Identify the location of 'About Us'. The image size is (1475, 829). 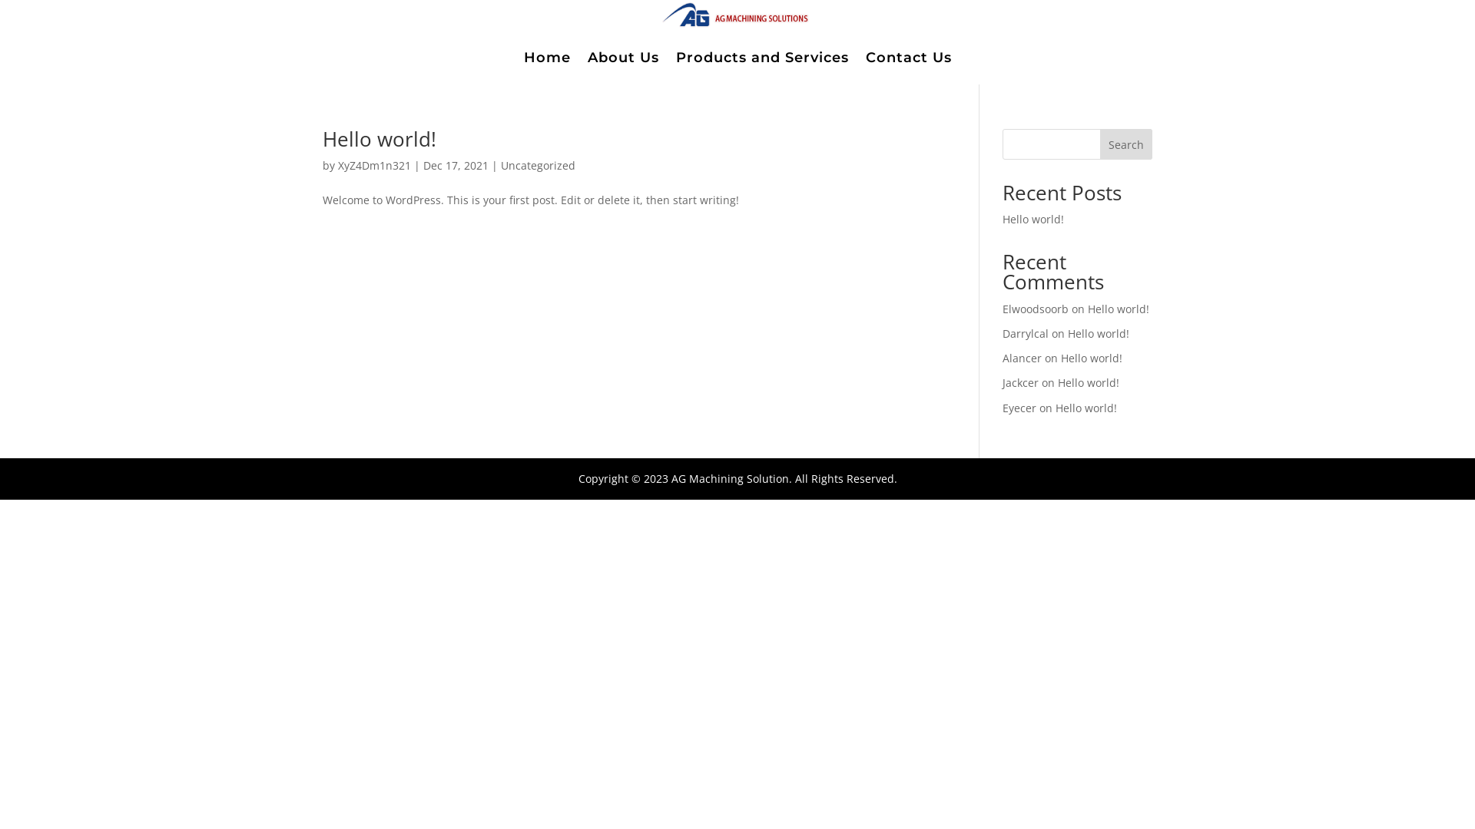
(622, 56).